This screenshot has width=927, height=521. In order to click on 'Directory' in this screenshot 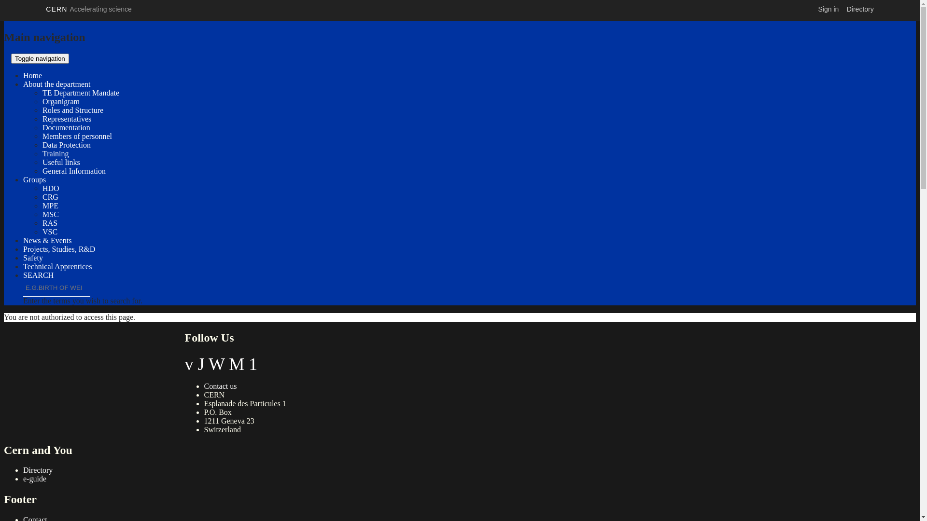, I will do `click(38, 469)`.